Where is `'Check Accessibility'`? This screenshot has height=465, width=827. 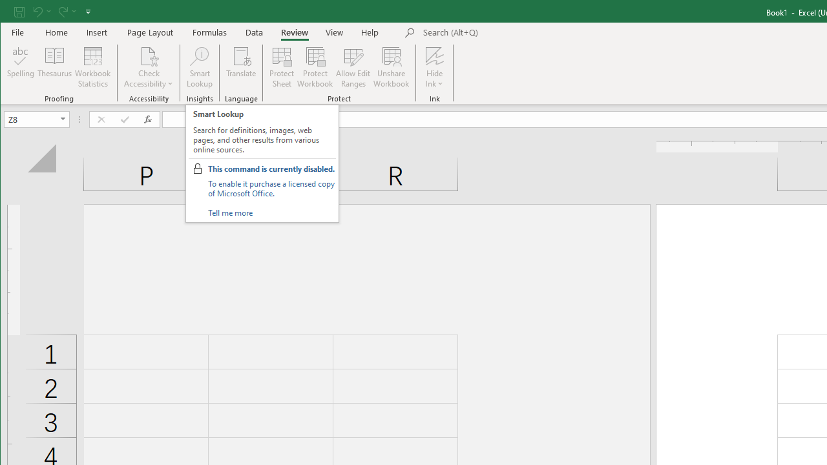
'Check Accessibility' is located at coordinates (149, 67).